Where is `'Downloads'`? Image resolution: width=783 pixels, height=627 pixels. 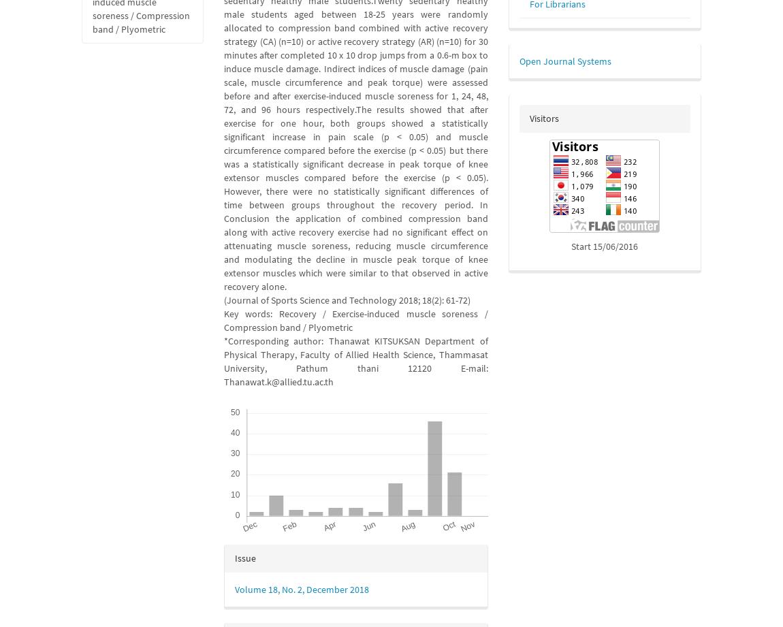 'Downloads' is located at coordinates (246, 402).